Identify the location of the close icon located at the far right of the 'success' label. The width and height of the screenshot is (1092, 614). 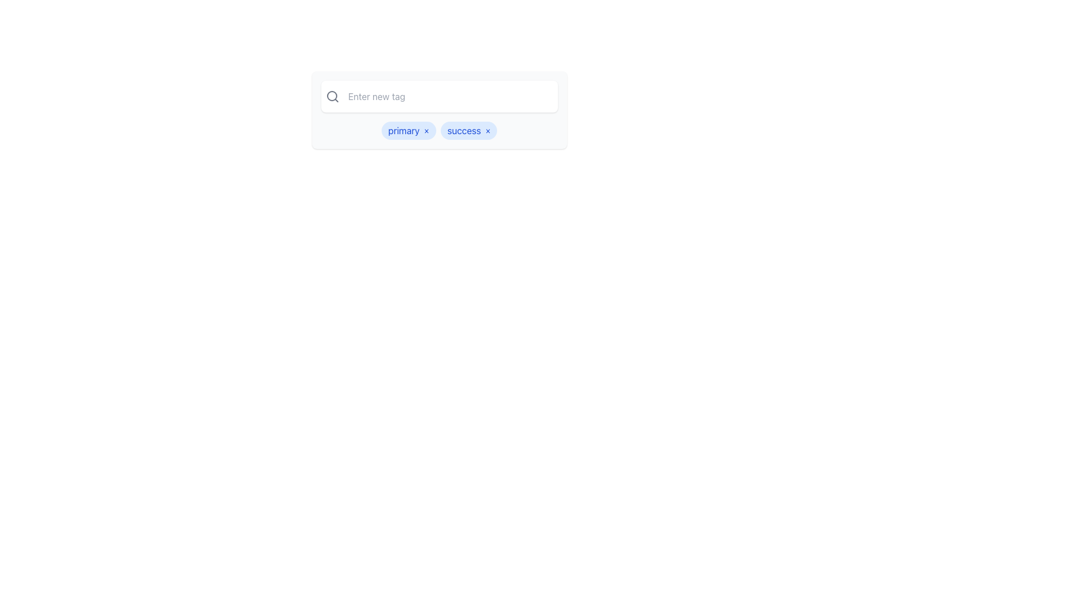
(488, 130).